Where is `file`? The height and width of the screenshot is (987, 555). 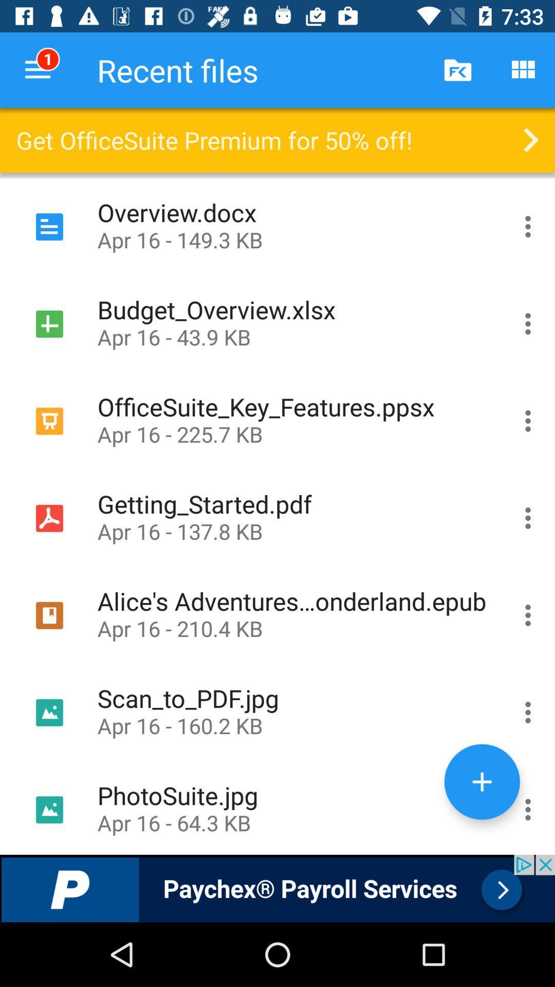
file is located at coordinates (528, 807).